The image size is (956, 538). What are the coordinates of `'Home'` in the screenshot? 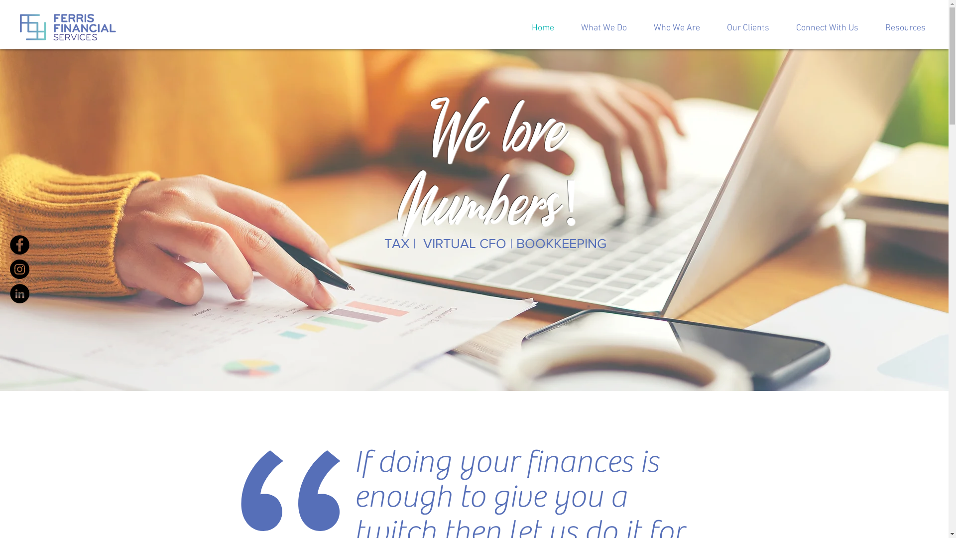 It's located at (542, 27).